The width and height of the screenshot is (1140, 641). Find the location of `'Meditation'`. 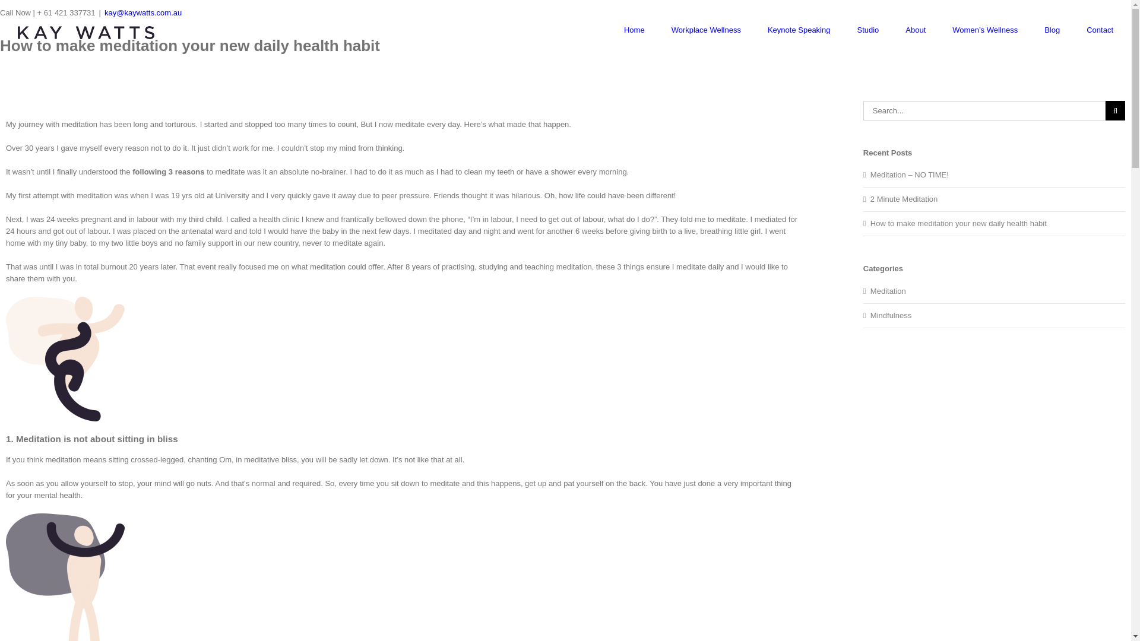

'Meditation' is located at coordinates (995, 291).